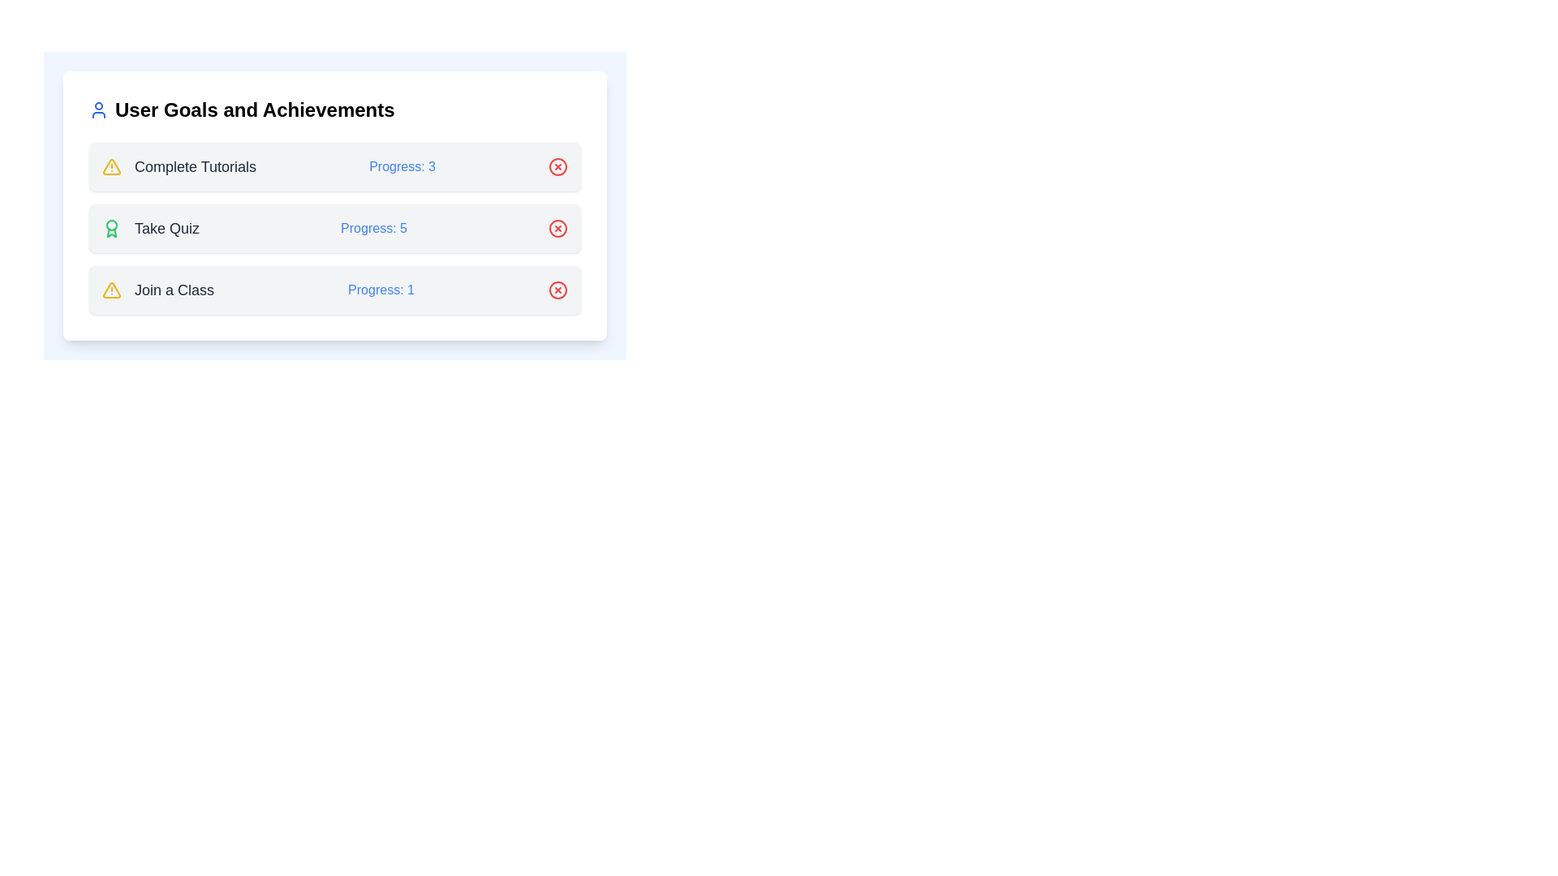 Image resolution: width=1558 pixels, height=876 pixels. What do you see at coordinates (174, 290) in the screenshot?
I see `the text label 'Join a Class', which is styled with a large font size and dark gray color, positioned between an alert icon and a progress text in the third row of goals` at bounding box center [174, 290].